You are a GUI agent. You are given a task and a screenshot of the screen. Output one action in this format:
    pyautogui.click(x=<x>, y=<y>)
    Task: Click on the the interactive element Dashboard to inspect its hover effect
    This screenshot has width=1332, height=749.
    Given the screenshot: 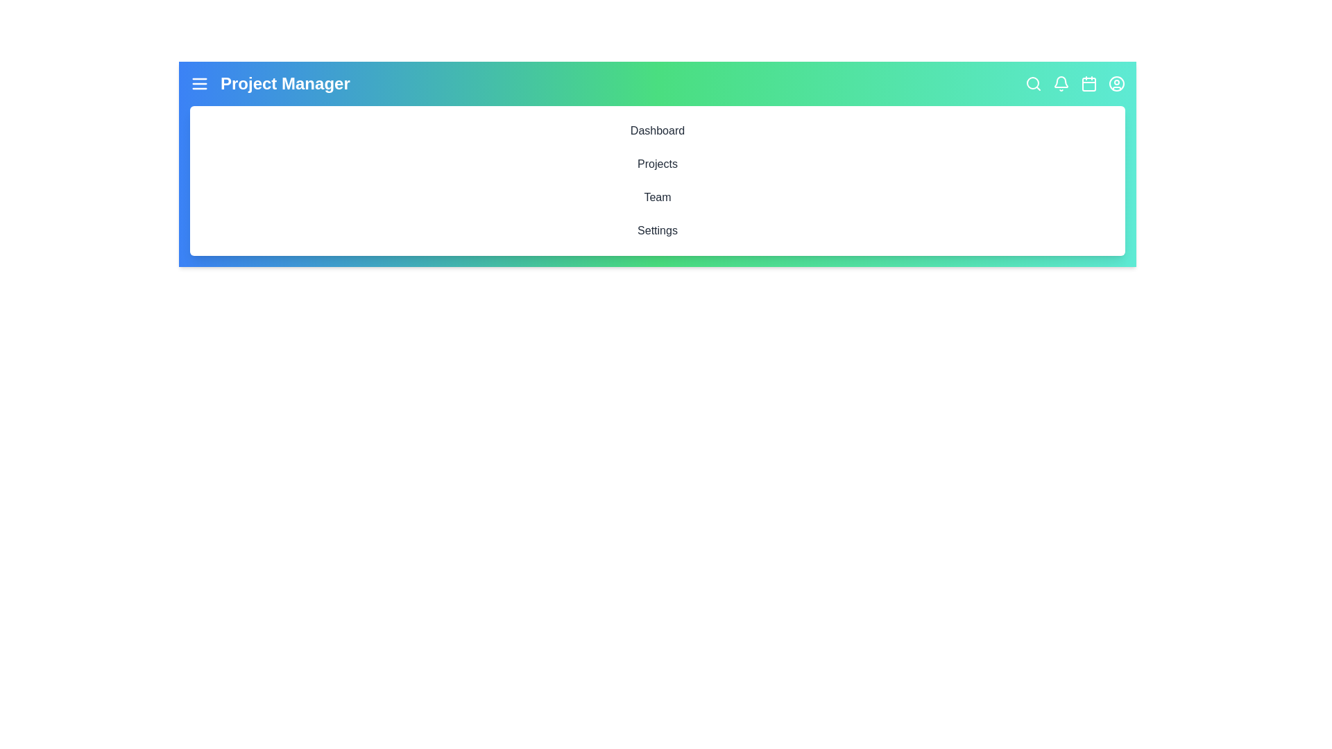 What is the action you would take?
    pyautogui.click(x=657, y=131)
    